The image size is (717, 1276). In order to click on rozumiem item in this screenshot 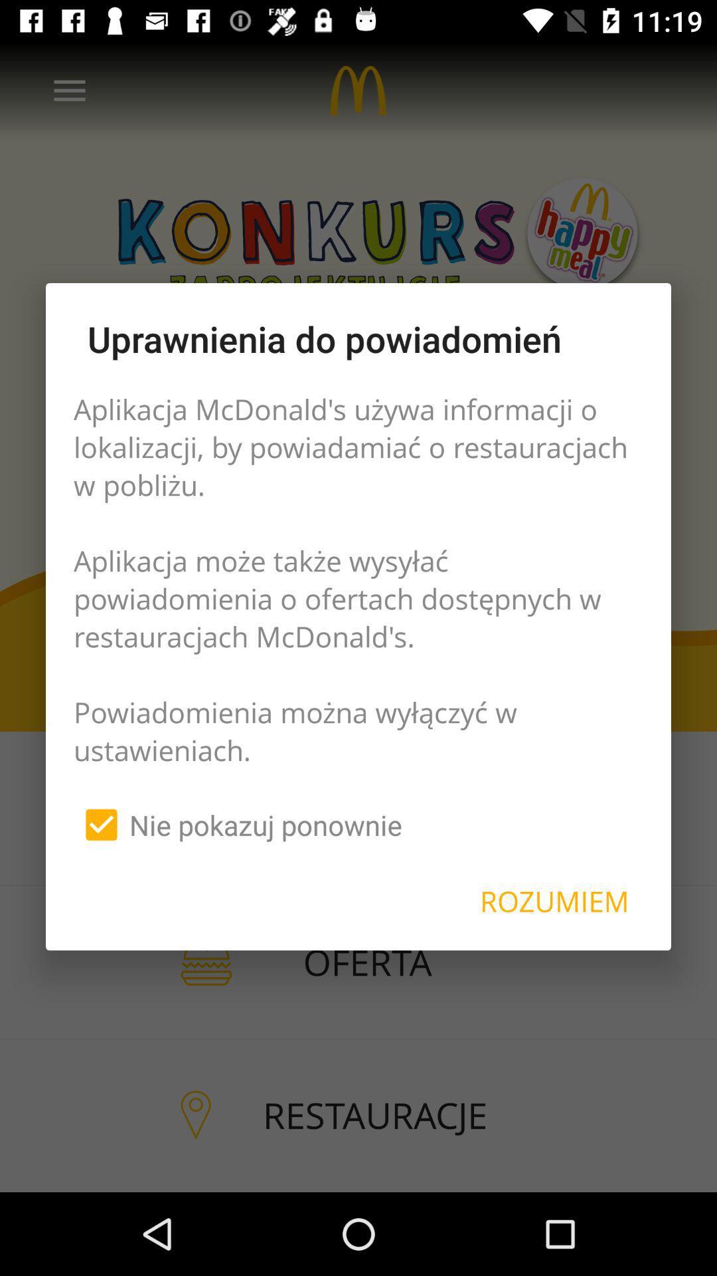, I will do `click(554, 901)`.